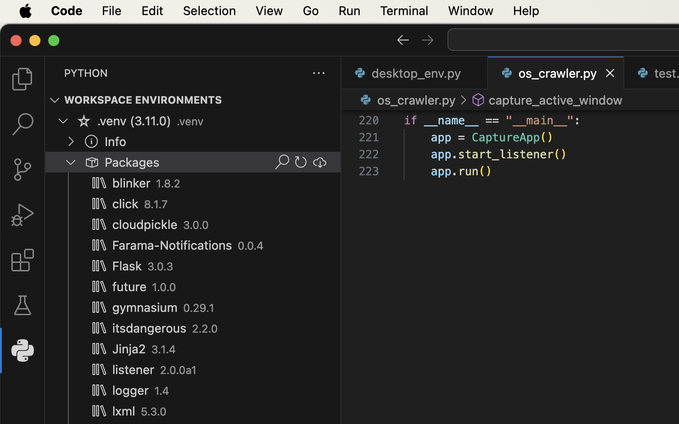 Image resolution: width=679 pixels, height=424 pixels. Describe the element at coordinates (403, 39) in the screenshot. I see `''` at that location.